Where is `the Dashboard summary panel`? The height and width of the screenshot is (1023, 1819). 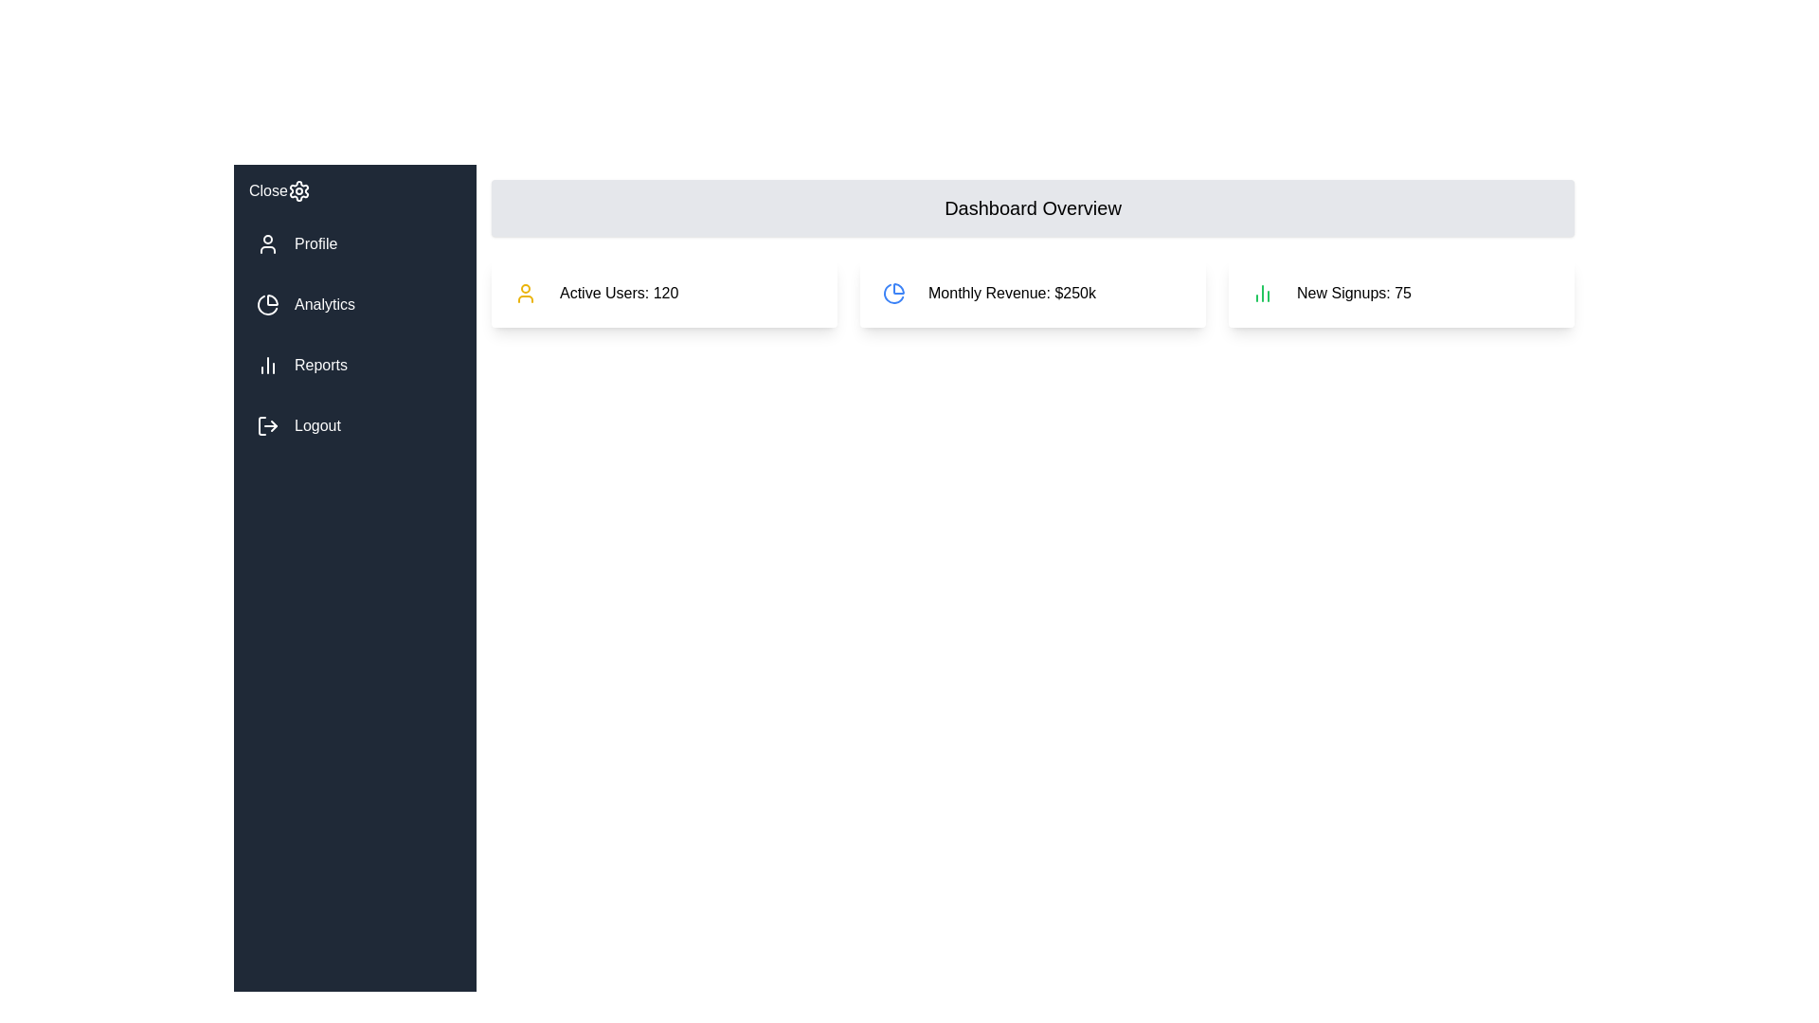
the Dashboard summary panel is located at coordinates (1032, 293).